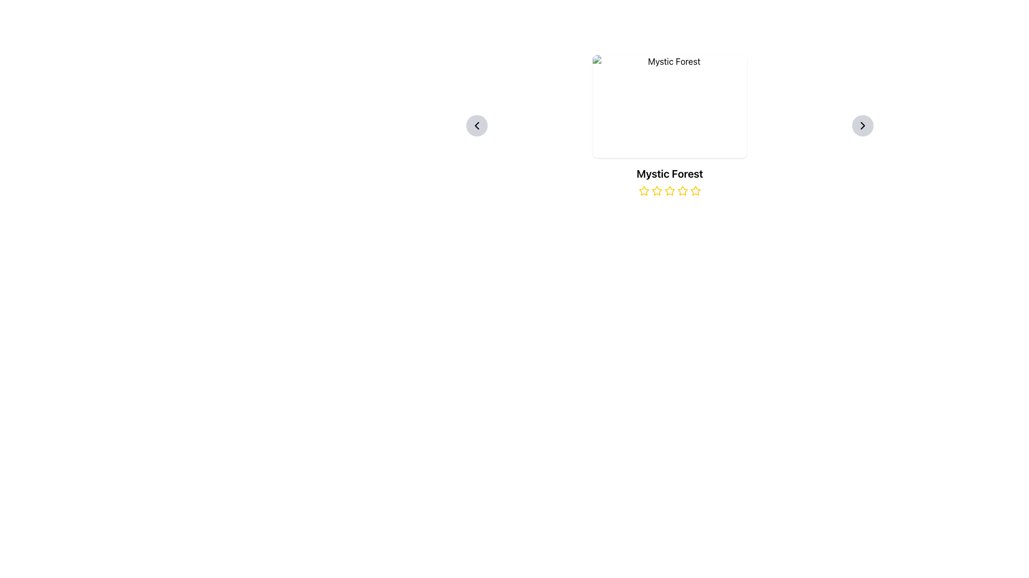 Image resolution: width=1029 pixels, height=578 pixels. Describe the element at coordinates (643, 189) in the screenshot. I see `the first star icon in the rating component located underneath the text titled 'Mystic Forest'` at that location.